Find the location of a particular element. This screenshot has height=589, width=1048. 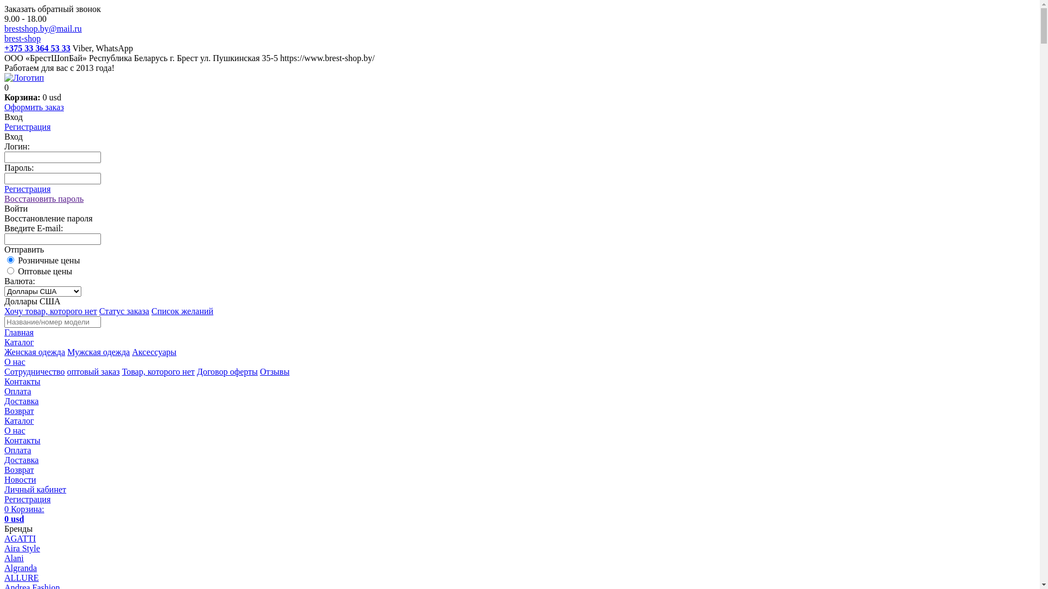

'Alani' is located at coordinates (4, 558).